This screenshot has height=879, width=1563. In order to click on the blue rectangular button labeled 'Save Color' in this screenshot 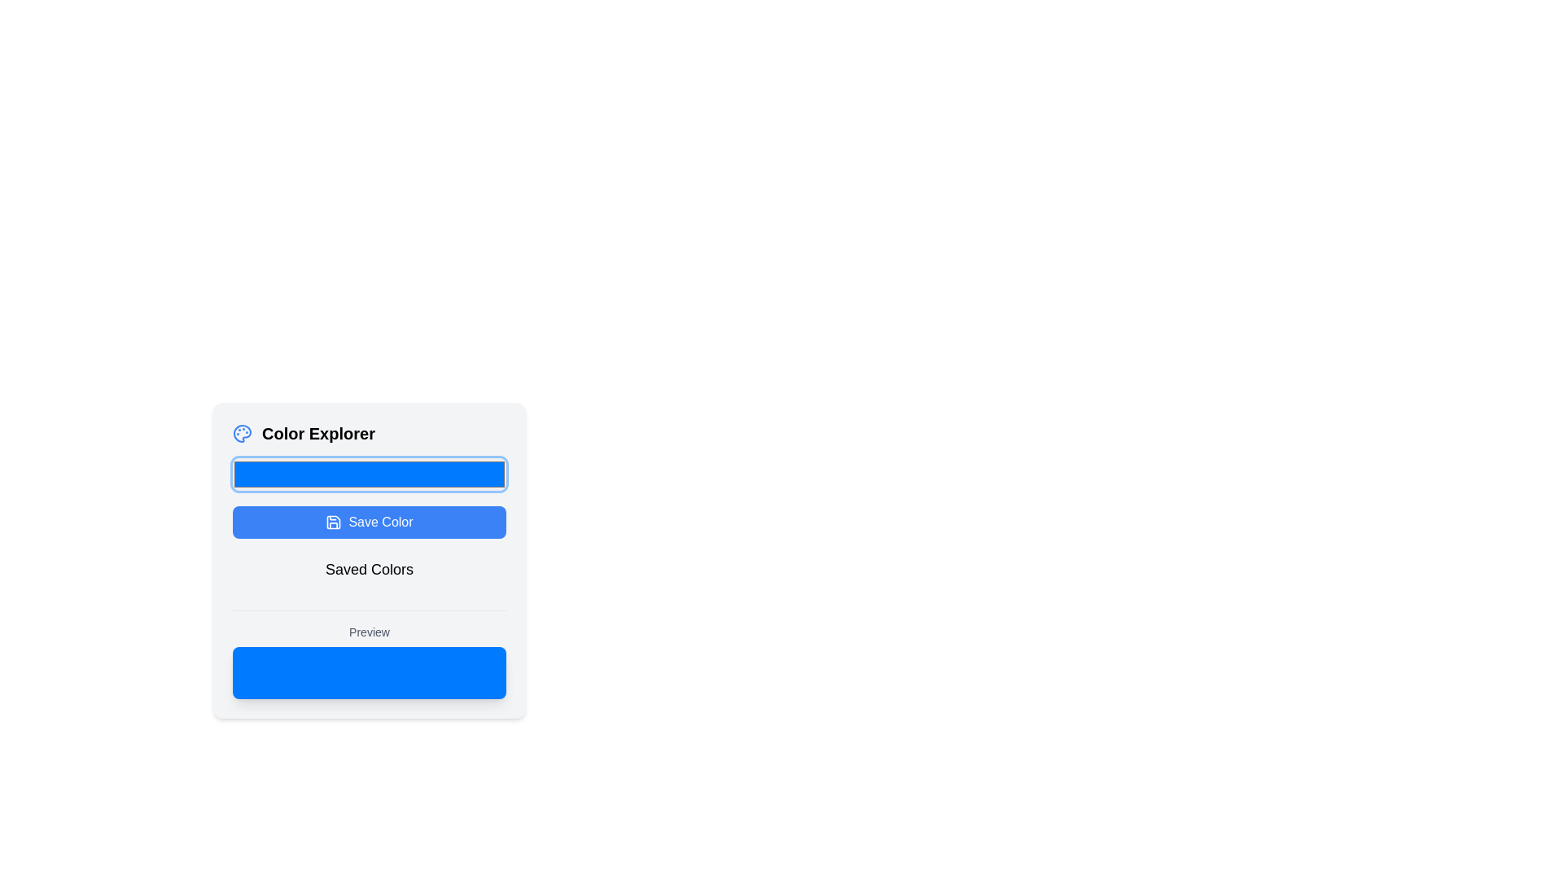, I will do `click(369, 522)`.